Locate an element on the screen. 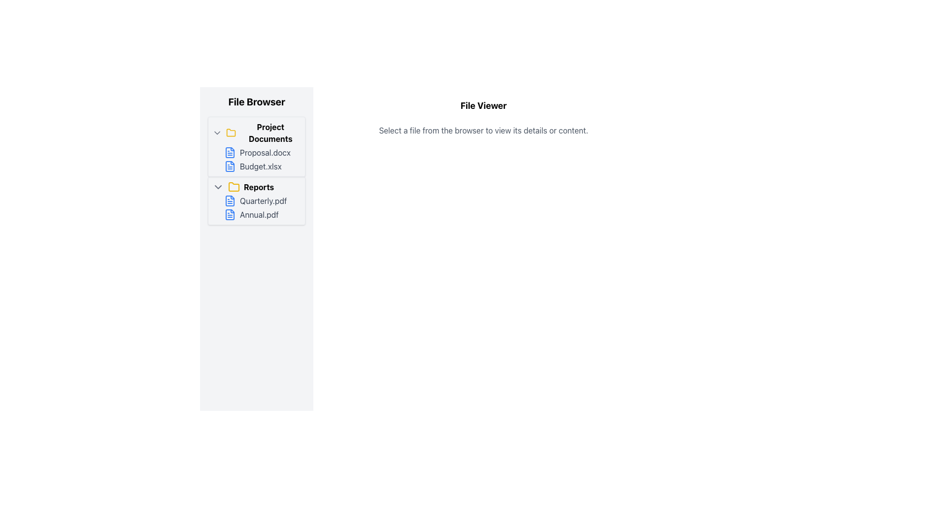  the document icon styled in blue, representing 'Proposal.docx' in the 'File Browser' section is located at coordinates (229, 200).